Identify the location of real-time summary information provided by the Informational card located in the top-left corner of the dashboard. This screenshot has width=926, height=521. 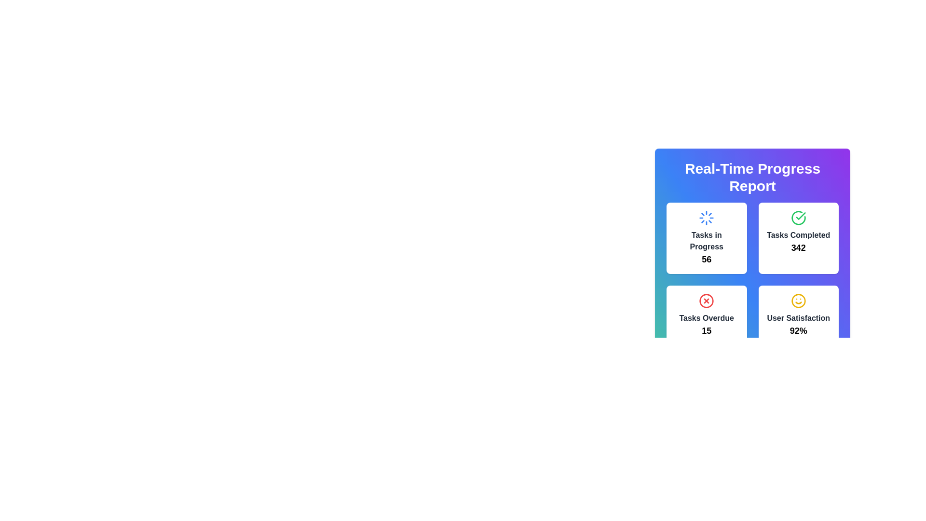
(707, 238).